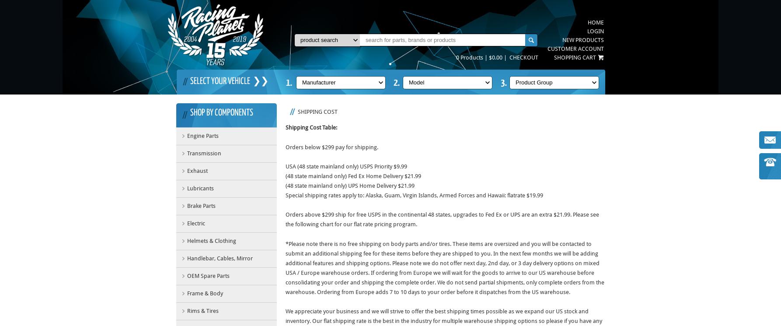 The width and height of the screenshot is (781, 326). I want to click on 'New Products', so click(583, 40).